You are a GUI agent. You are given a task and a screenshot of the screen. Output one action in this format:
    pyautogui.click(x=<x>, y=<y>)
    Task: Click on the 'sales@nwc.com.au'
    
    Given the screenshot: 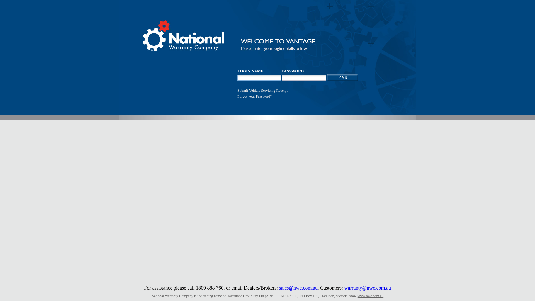 What is the action you would take?
    pyautogui.click(x=298, y=288)
    